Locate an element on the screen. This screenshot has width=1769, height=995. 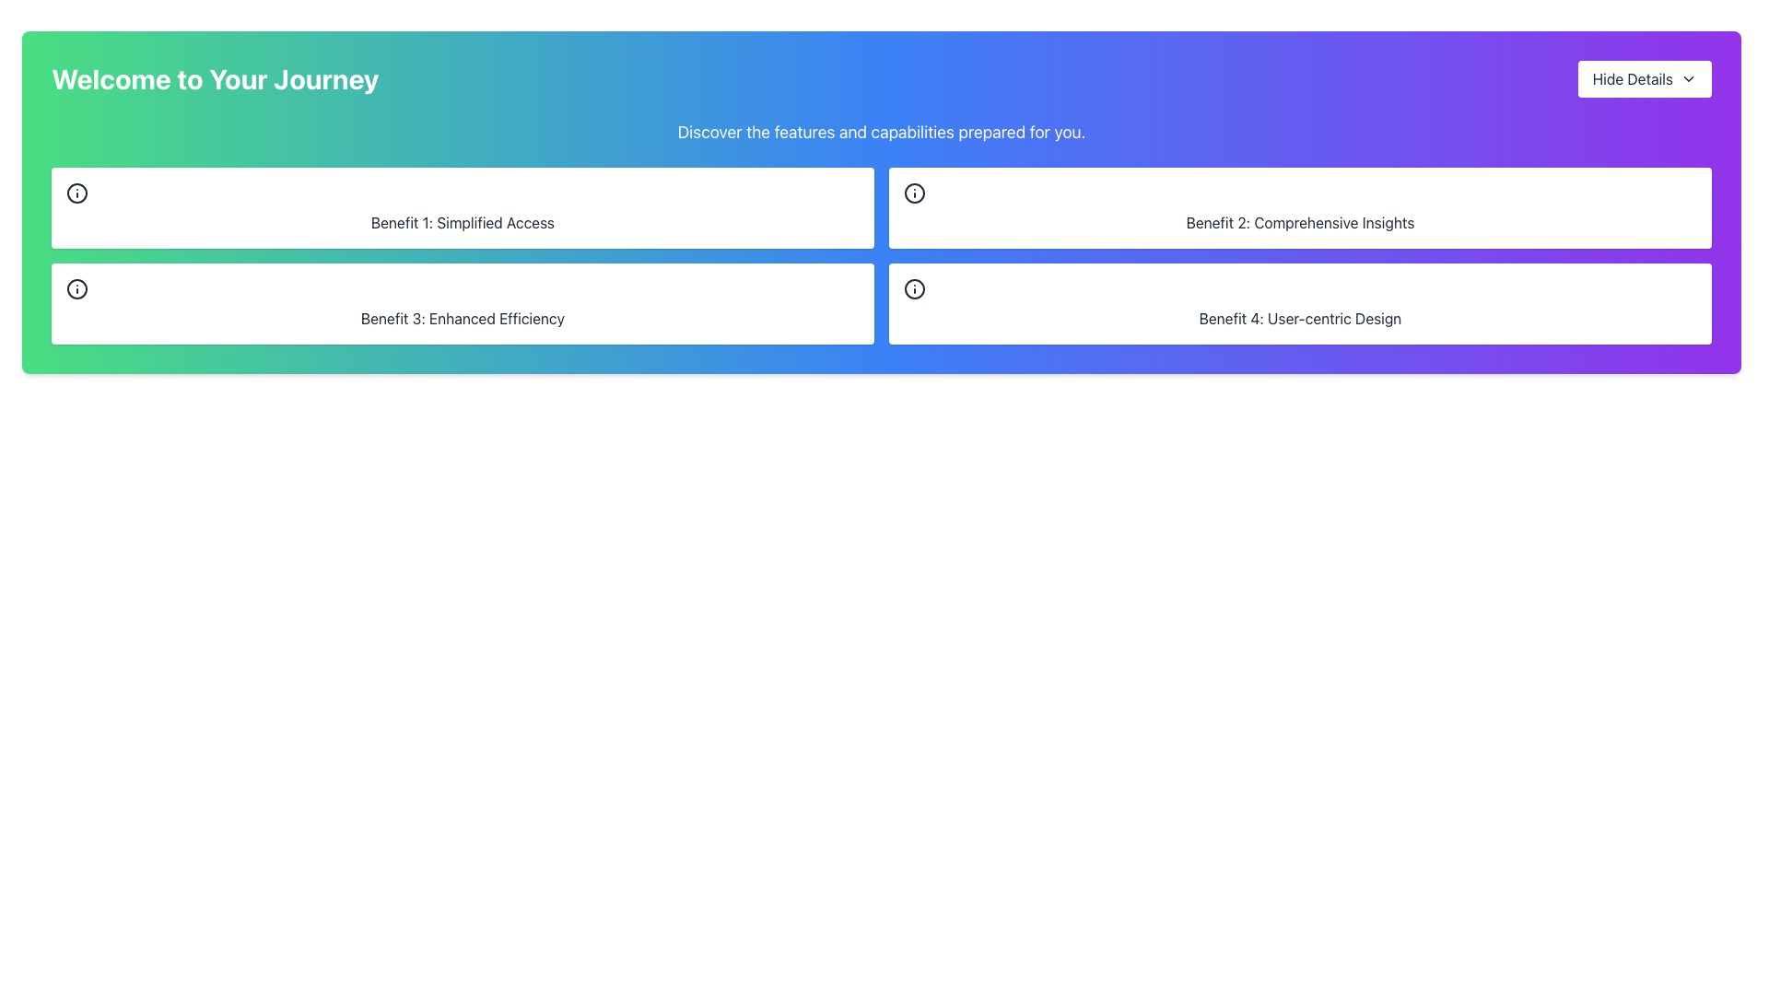
the Informational Card that highlights 'Simplified Access', positioned in the upper-left quadrant of the grid layout is located at coordinates (463, 207).